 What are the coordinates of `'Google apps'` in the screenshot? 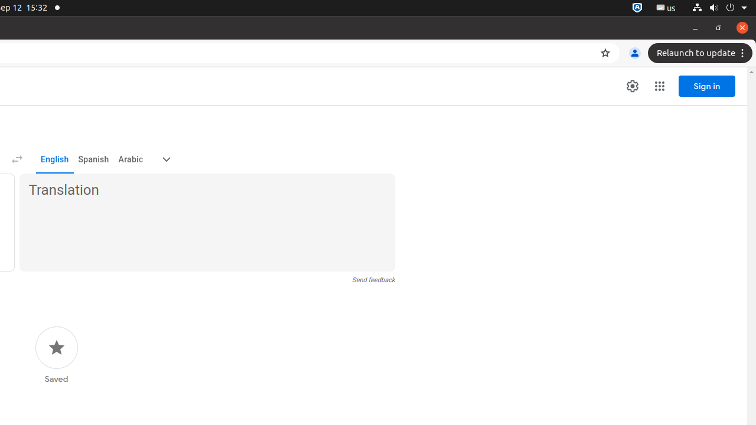 It's located at (659, 86).